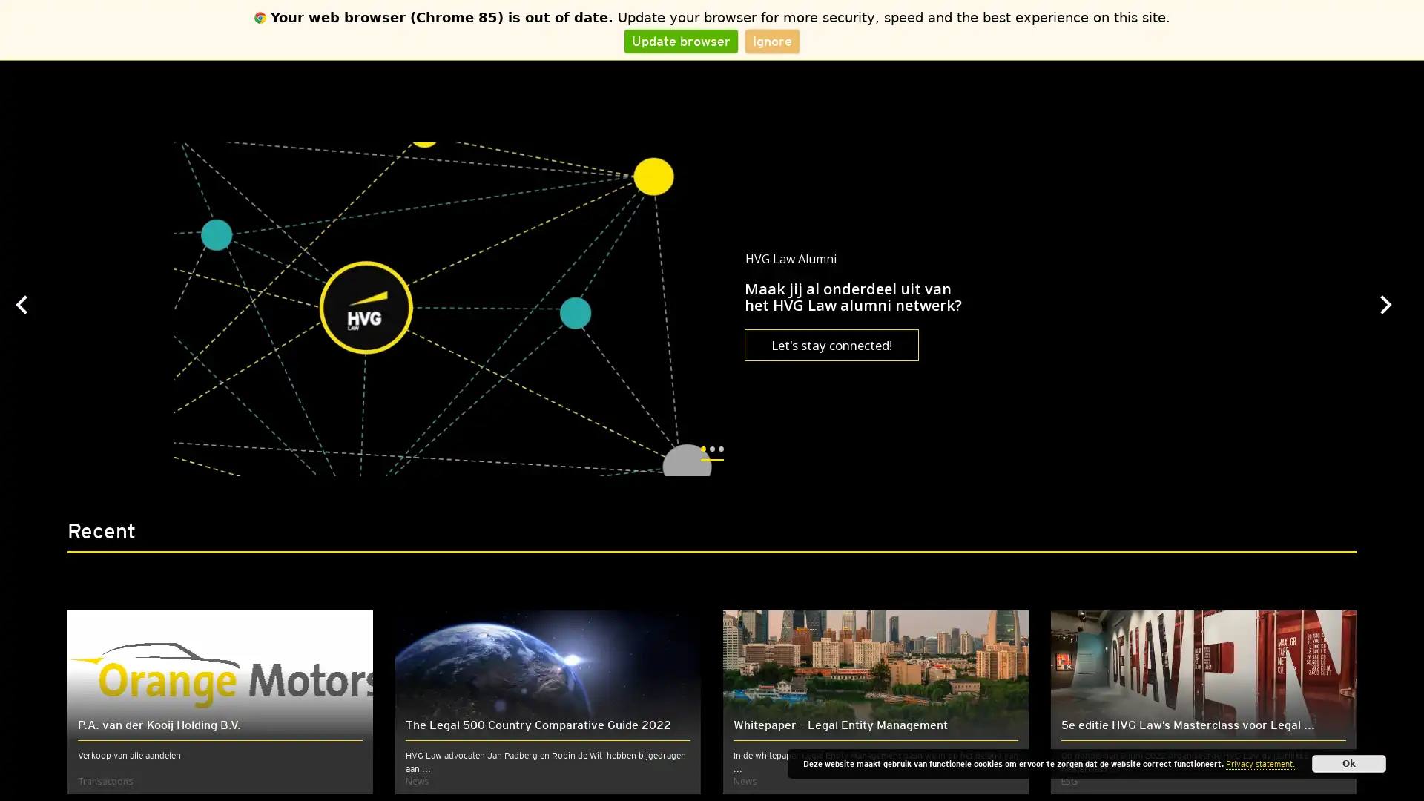  Describe the element at coordinates (1349, 763) in the screenshot. I see `Ok` at that location.